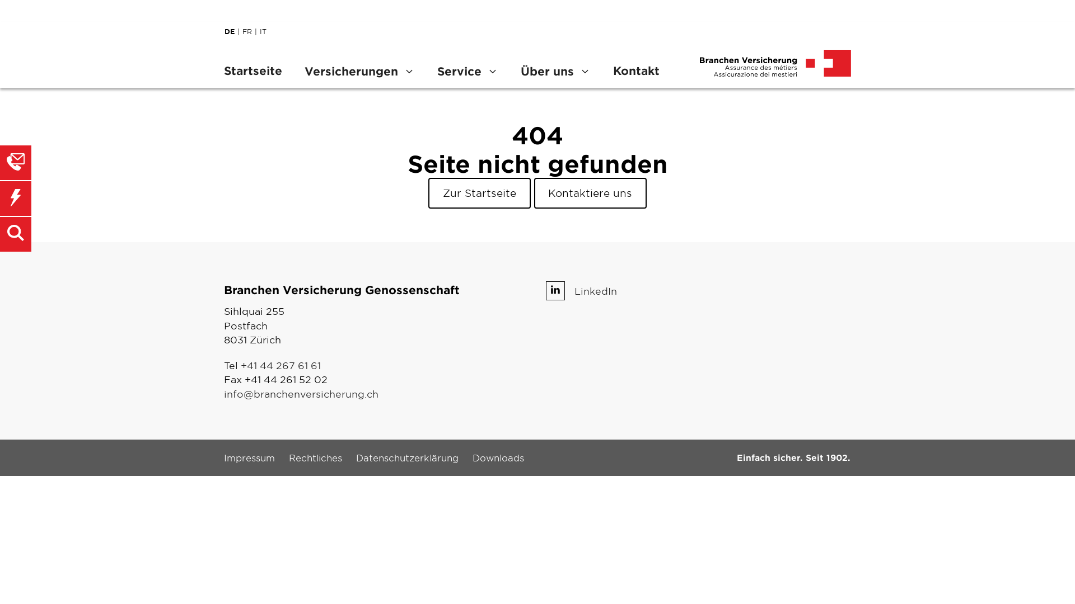  Describe the element at coordinates (315, 457) in the screenshot. I see `'Rechtliches'` at that location.